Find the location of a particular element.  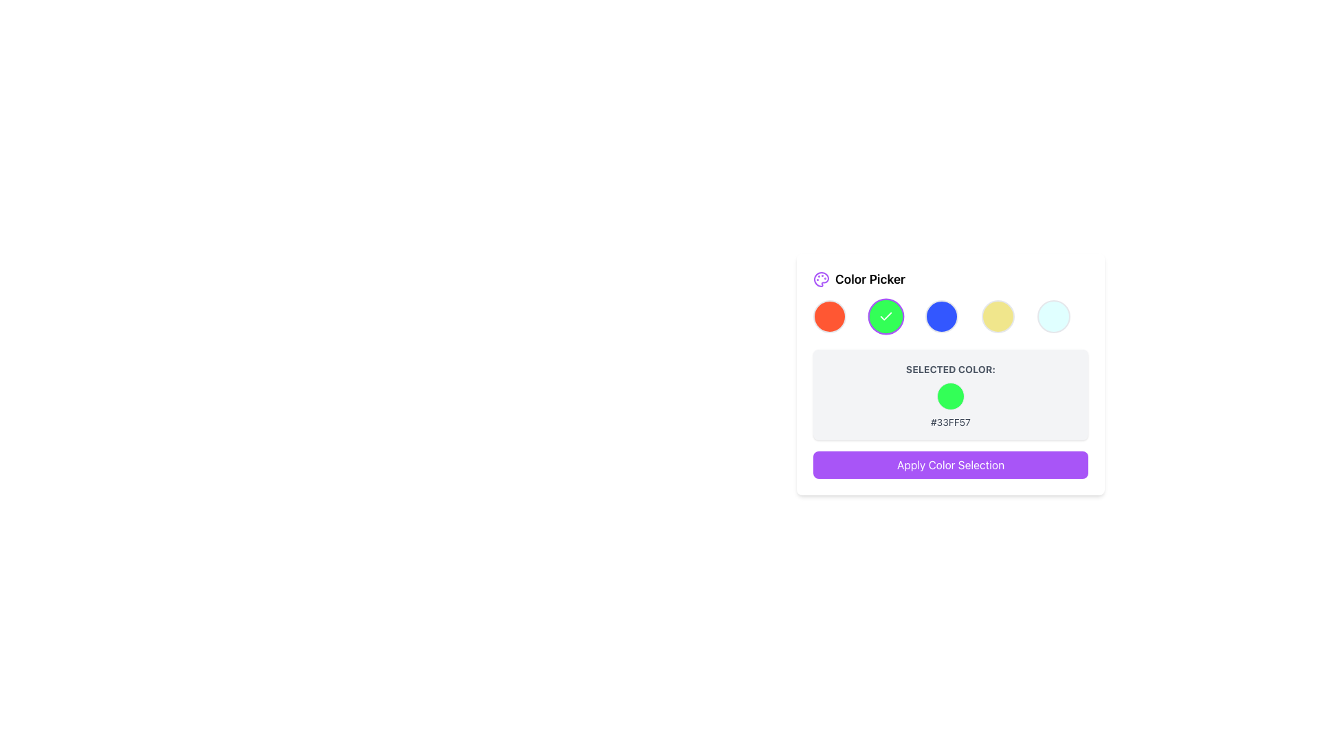

the individual color circle in the interactive selection grid positioned centrally below the 'Color Picker' label is located at coordinates (949, 317).